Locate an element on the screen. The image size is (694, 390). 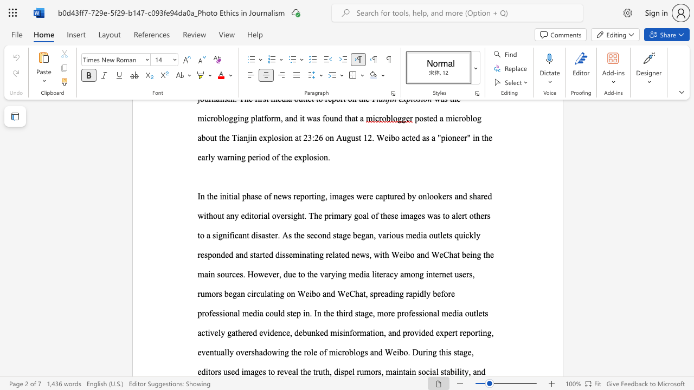
the subset text "ly before professional media could step in. In the third stage, more professional media outlets actively gathered evidence, debunked misinformation, and provided expert reporting, eventually overshadowing the role of microblogs and Weibo. Dur" within the text "related news, with Weibo and WeChat being the main sources. However, due to the varying media literacy among internet users, rumors began circulating on Weibo and WeChat, spreading rapidly before professional media could step in. In the third stage, more professional media outlets actively gathered evidence, debunked misinformation, and provided expert reporting, eventually overshadowing the role of microblogs and Weibo. During this stage, editors used images to reveal the truth, dispel rumors," is located at coordinates (423, 294).